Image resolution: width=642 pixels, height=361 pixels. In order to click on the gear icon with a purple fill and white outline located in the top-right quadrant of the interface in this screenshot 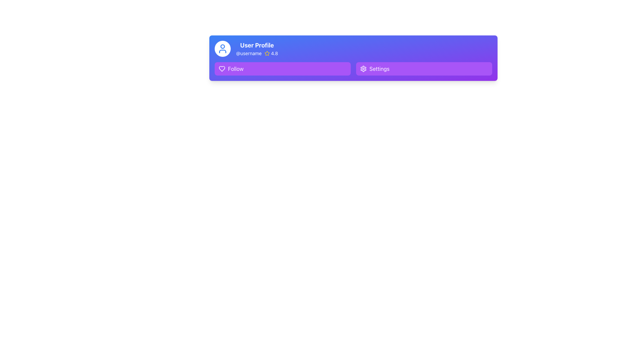, I will do `click(363, 69)`.